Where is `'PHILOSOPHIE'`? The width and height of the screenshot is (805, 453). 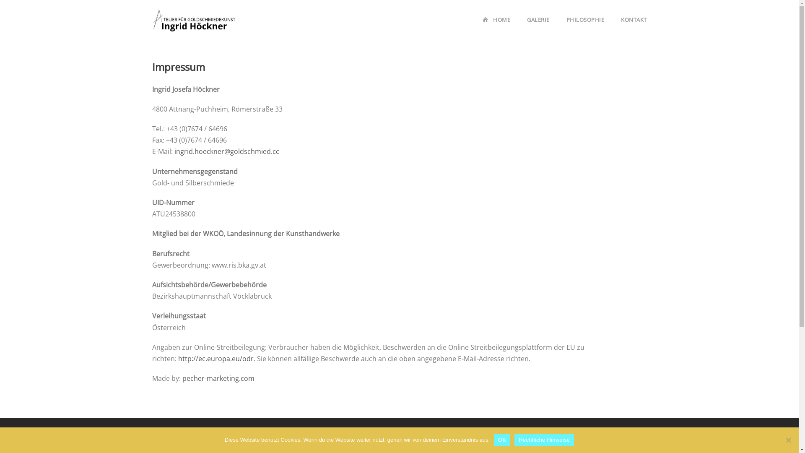 'PHILOSOPHIE' is located at coordinates (584, 26).